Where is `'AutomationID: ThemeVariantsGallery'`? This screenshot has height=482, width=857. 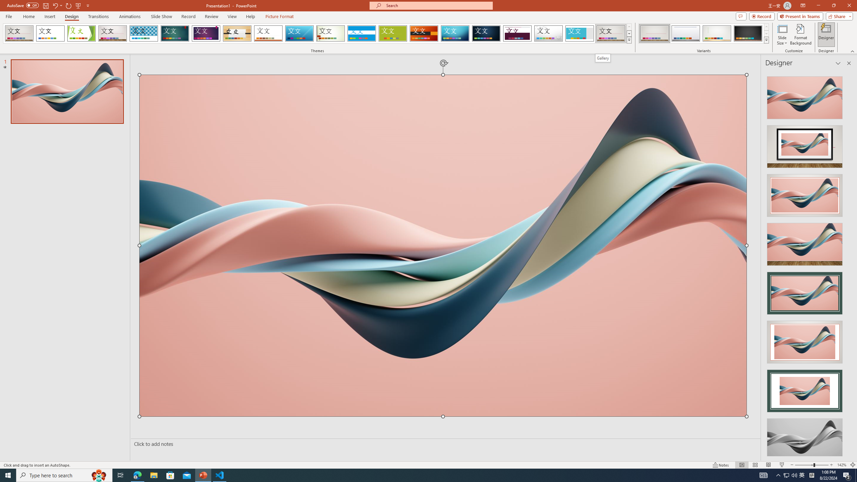
'AutomationID: ThemeVariantsGallery' is located at coordinates (704, 33).